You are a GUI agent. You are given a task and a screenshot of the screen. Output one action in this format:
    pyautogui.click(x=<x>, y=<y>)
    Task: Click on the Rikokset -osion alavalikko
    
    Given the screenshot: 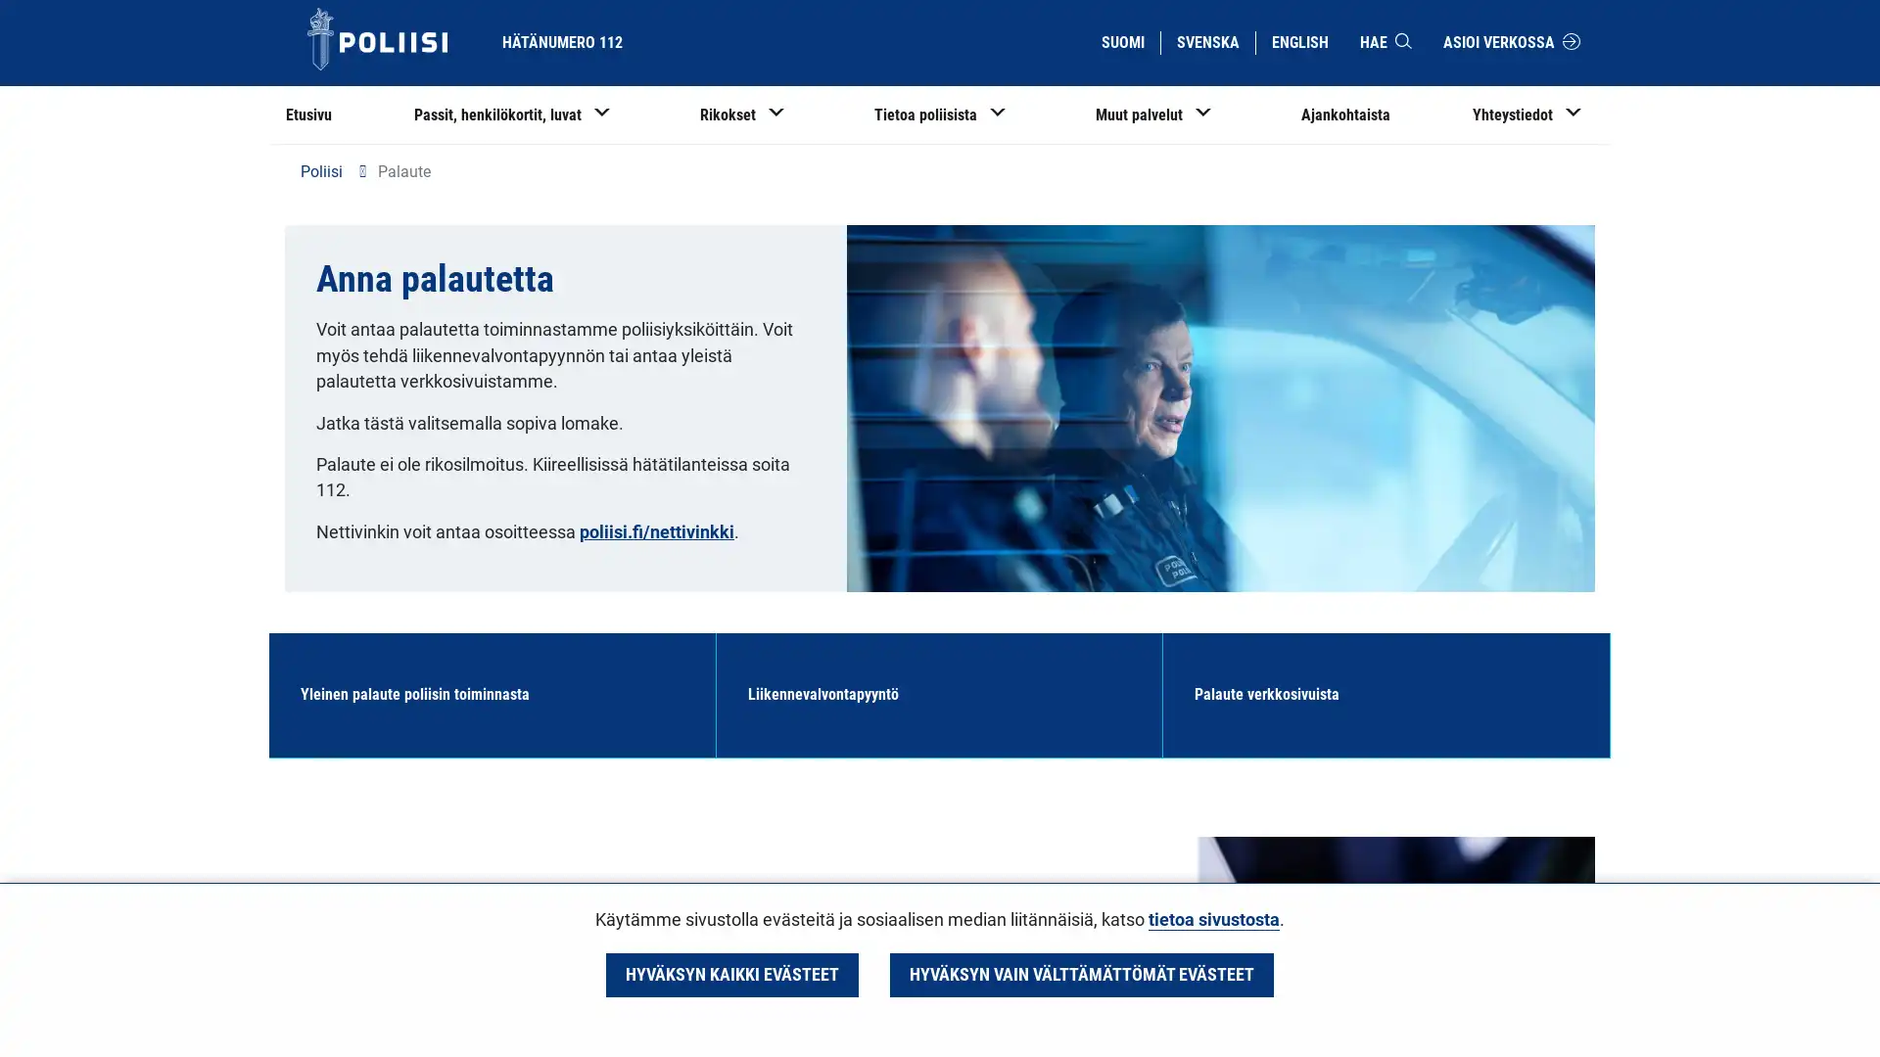 What is the action you would take?
    pyautogui.click(x=784, y=117)
    